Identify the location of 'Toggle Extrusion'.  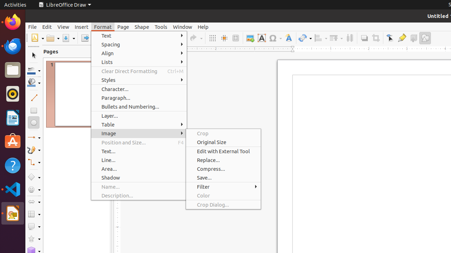
(413, 38).